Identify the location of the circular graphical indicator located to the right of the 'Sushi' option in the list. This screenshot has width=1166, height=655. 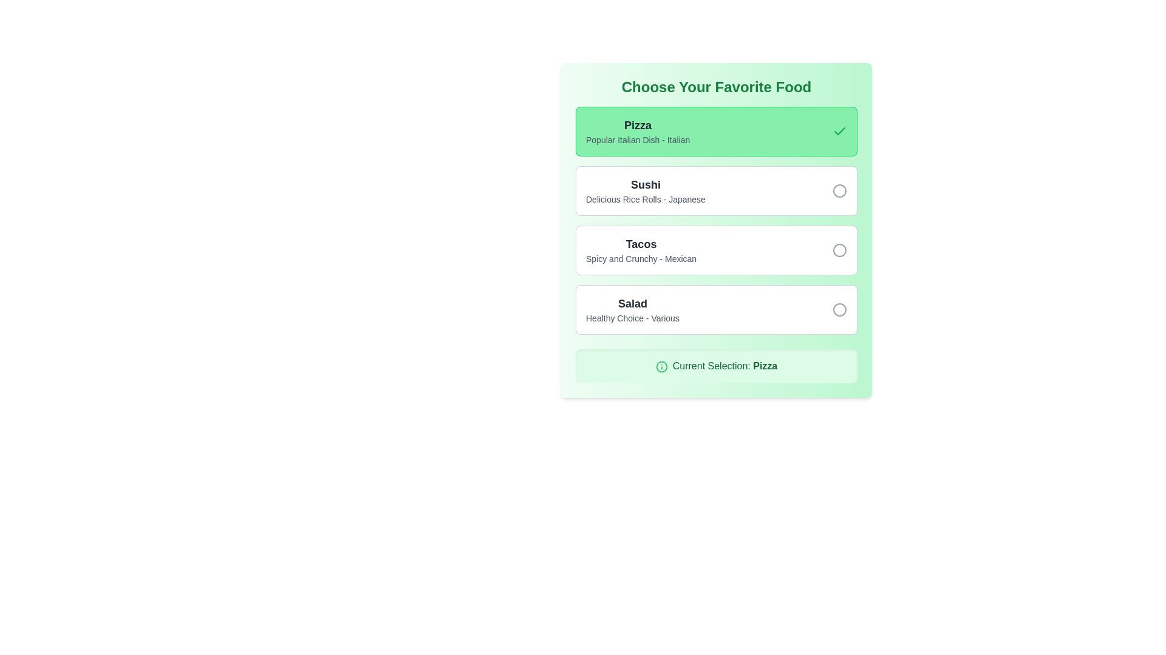
(839, 191).